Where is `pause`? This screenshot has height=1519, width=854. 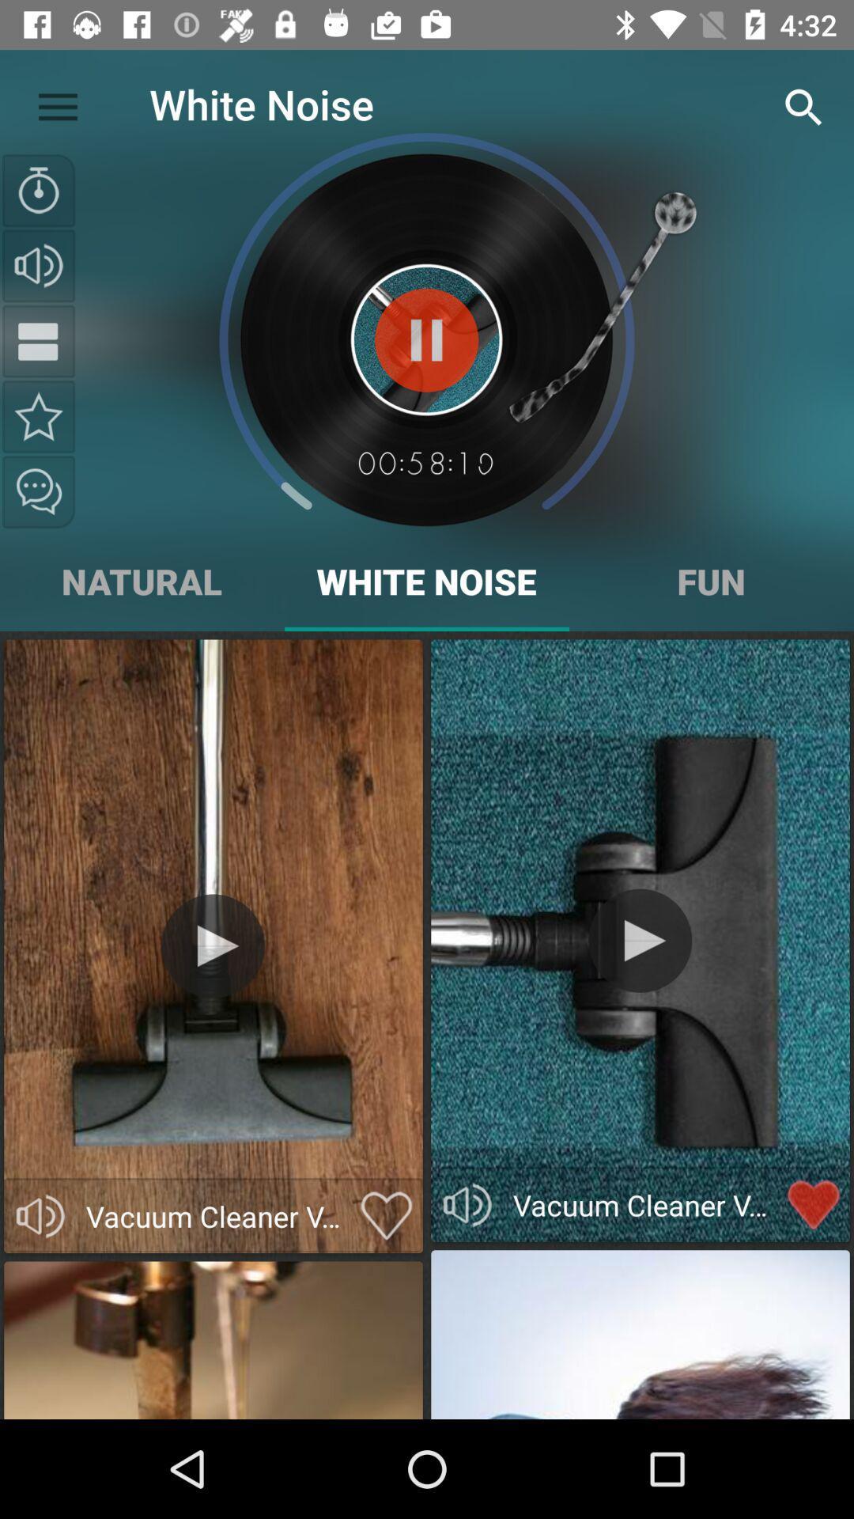
pause is located at coordinates (425, 339).